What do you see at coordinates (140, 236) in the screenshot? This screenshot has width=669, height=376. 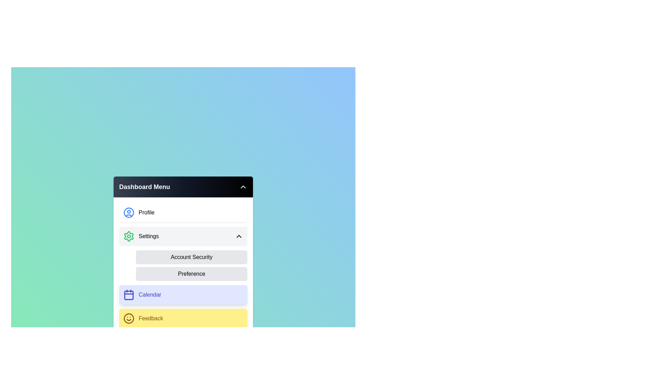 I see `the 'Settings' menu item, which features a green gear icon followed by the bold text 'Settings'` at bounding box center [140, 236].